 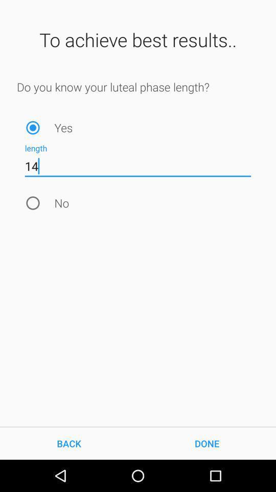 I want to click on no, so click(x=33, y=202).